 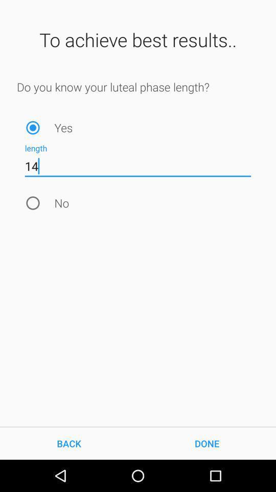 I want to click on no, so click(x=33, y=202).